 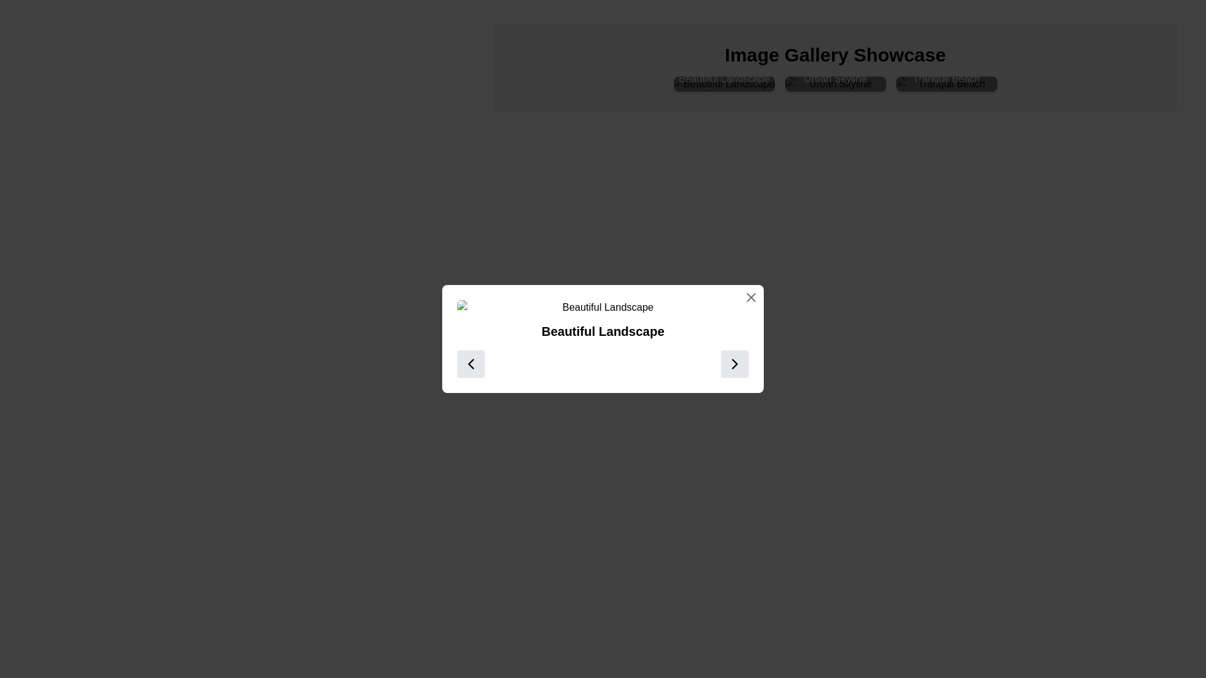 I want to click on the navigational icon located within the right-side navigation button at the bottom-right corner of the modal window, so click(x=735, y=363).